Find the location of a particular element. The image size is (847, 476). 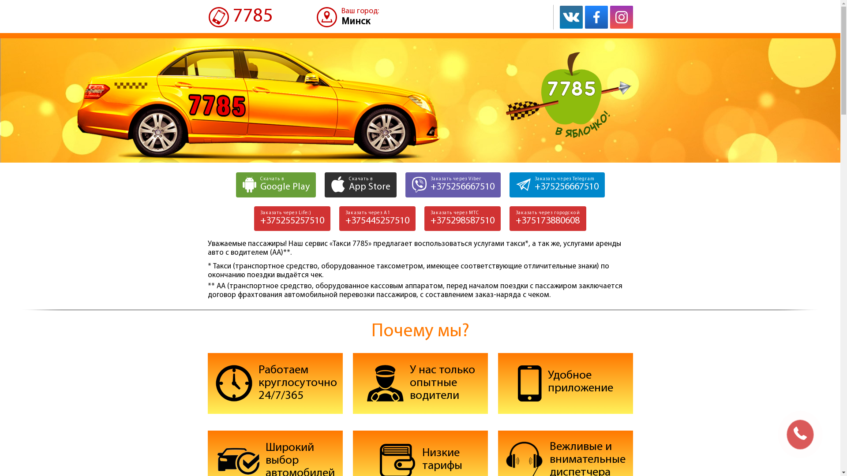

'7785' is located at coordinates (240, 17).